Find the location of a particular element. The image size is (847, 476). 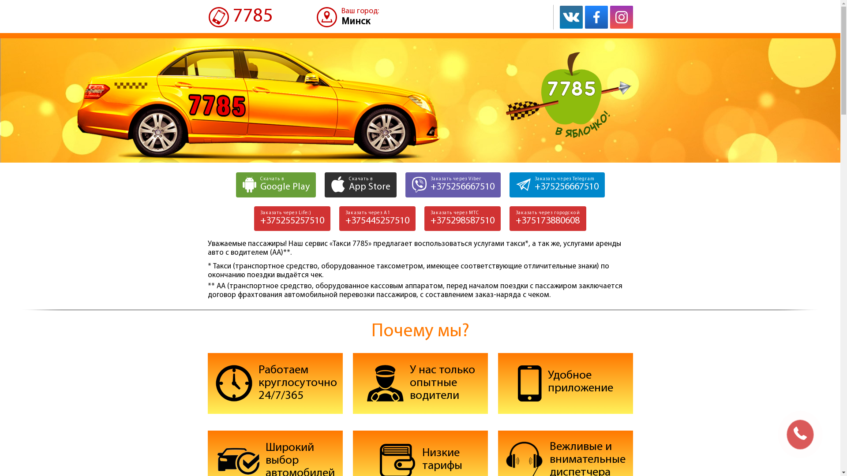

'7785' is located at coordinates (240, 17).